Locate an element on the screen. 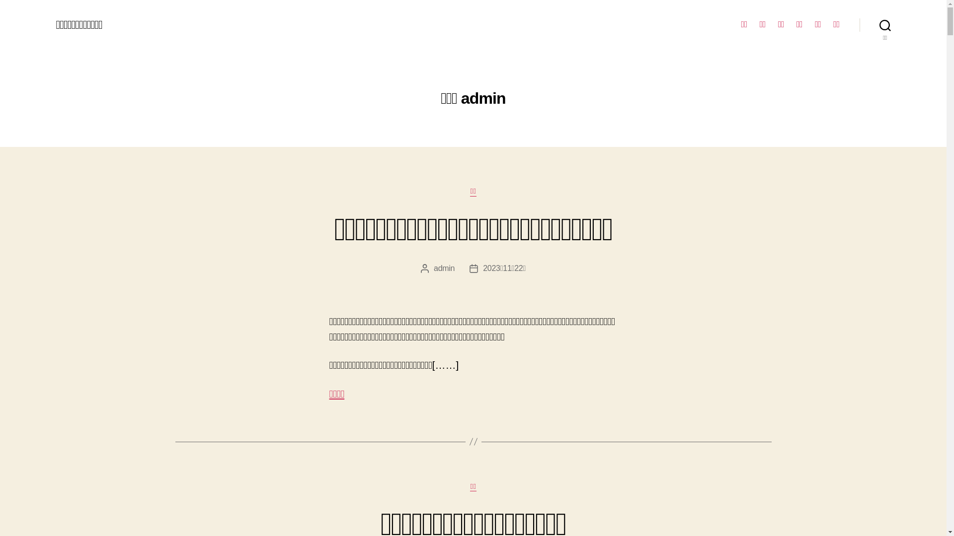 This screenshot has height=536, width=954. 'admin' is located at coordinates (443, 268).